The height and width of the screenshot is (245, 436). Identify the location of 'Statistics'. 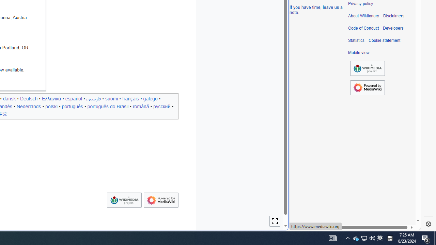
(356, 40).